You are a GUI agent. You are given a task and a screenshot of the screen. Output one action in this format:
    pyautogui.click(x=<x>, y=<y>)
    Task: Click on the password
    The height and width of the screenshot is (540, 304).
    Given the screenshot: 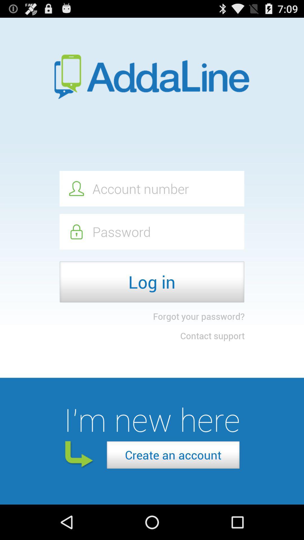 What is the action you would take?
    pyautogui.click(x=151, y=231)
    